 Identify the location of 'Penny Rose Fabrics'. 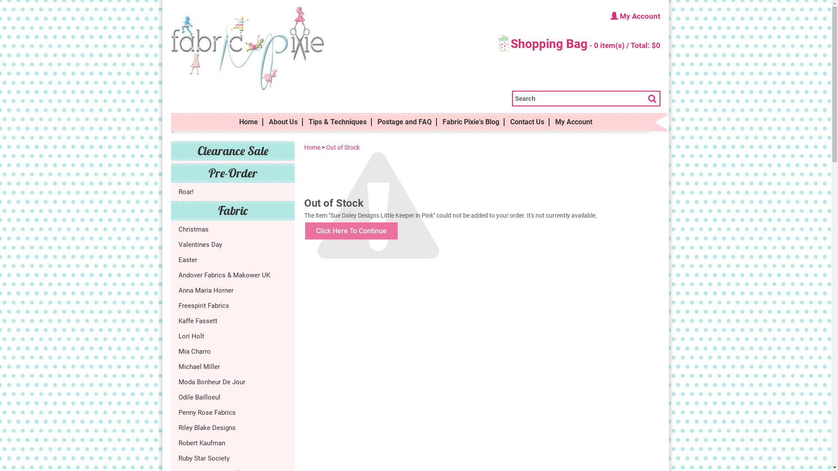
(233, 412).